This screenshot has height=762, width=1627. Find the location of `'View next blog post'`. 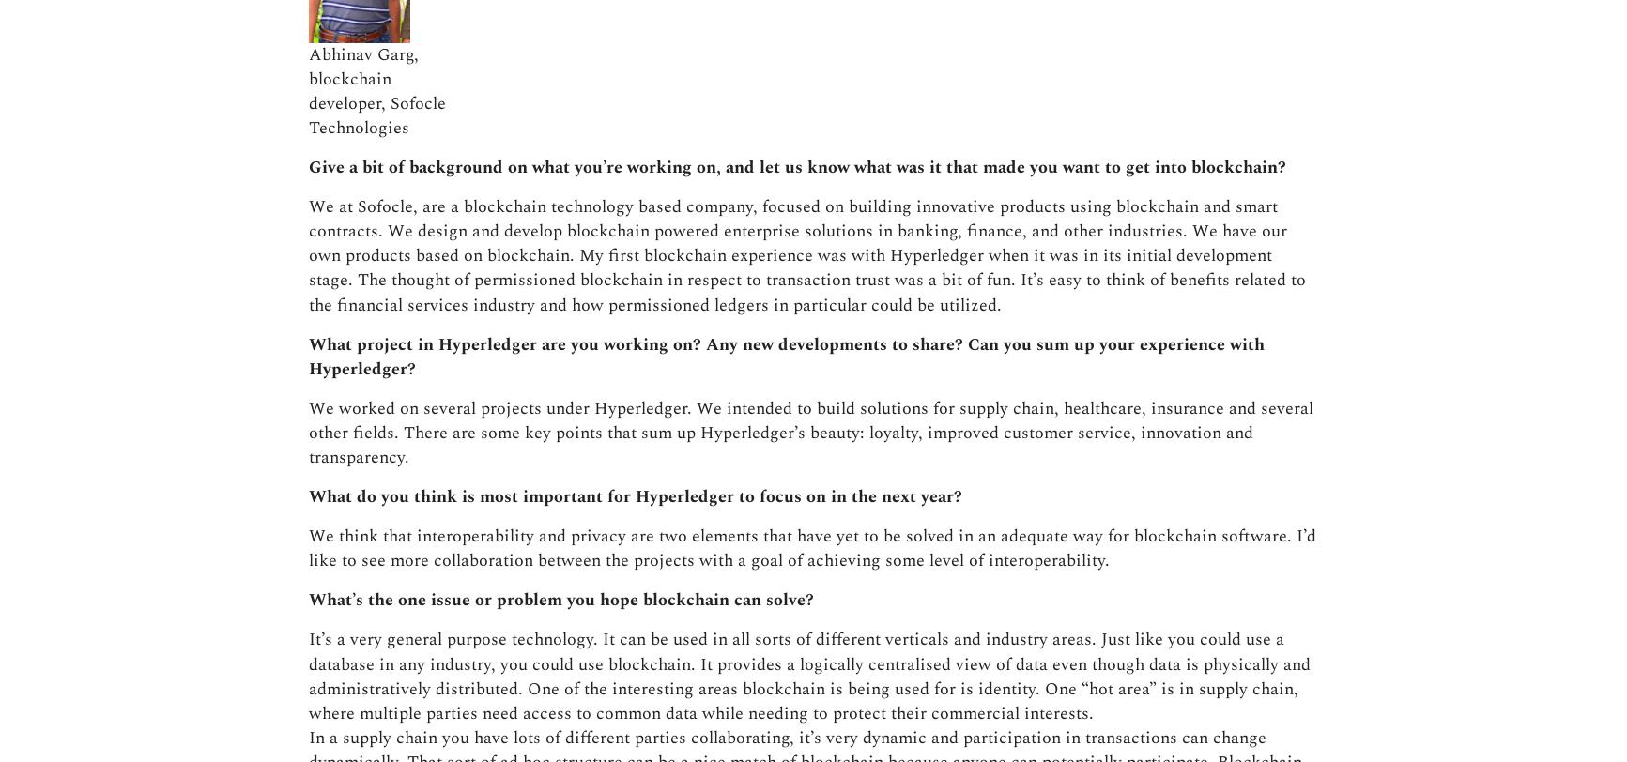

'View next blog post' is located at coordinates (1019, 511).